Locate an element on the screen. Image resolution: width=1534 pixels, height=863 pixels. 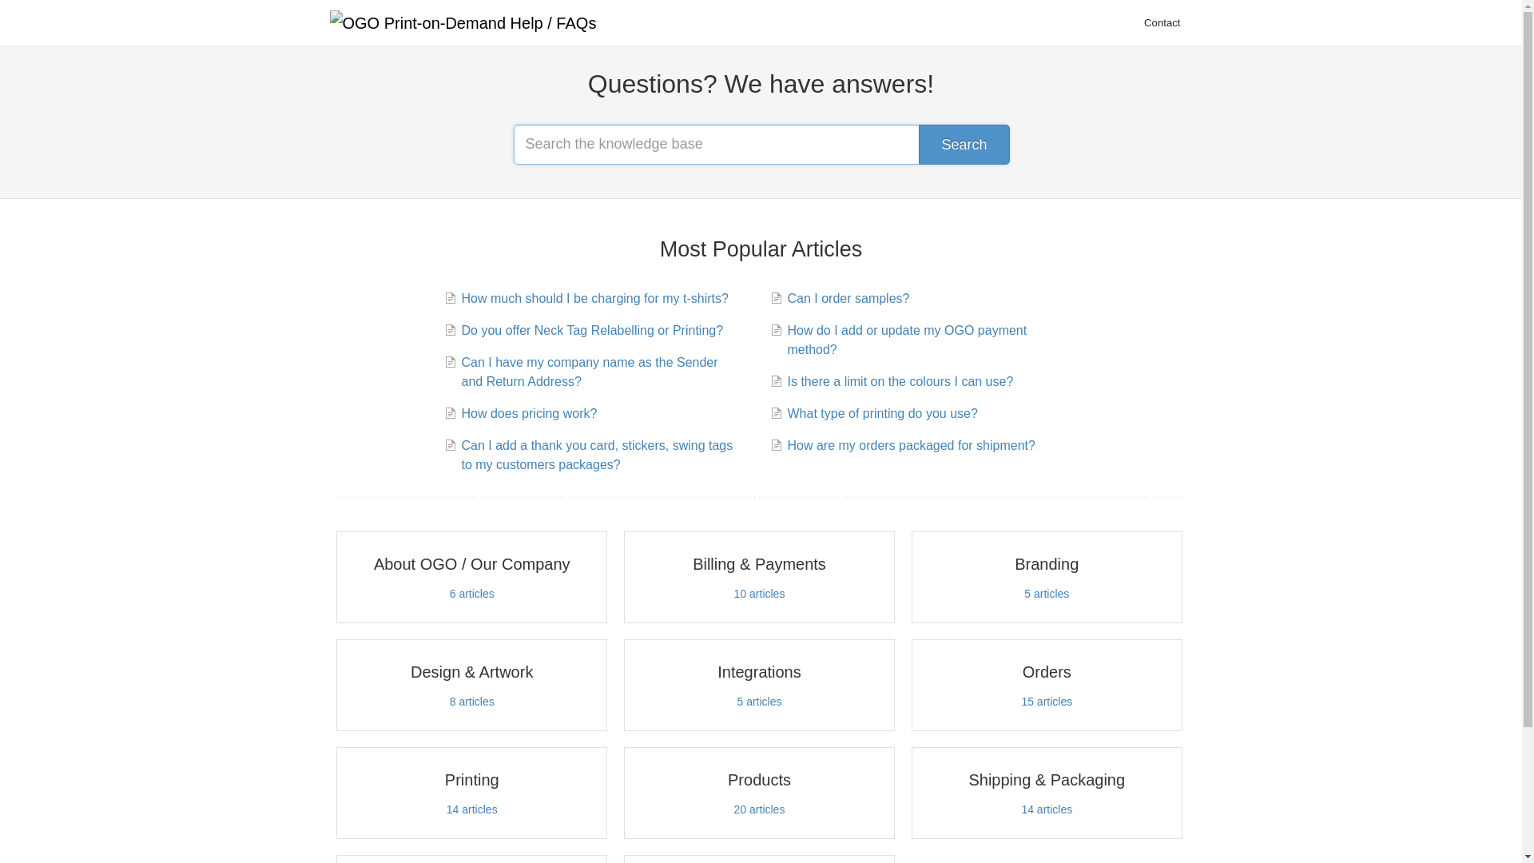
'How much should I be charging for my t-shirts?' is located at coordinates (591, 299).